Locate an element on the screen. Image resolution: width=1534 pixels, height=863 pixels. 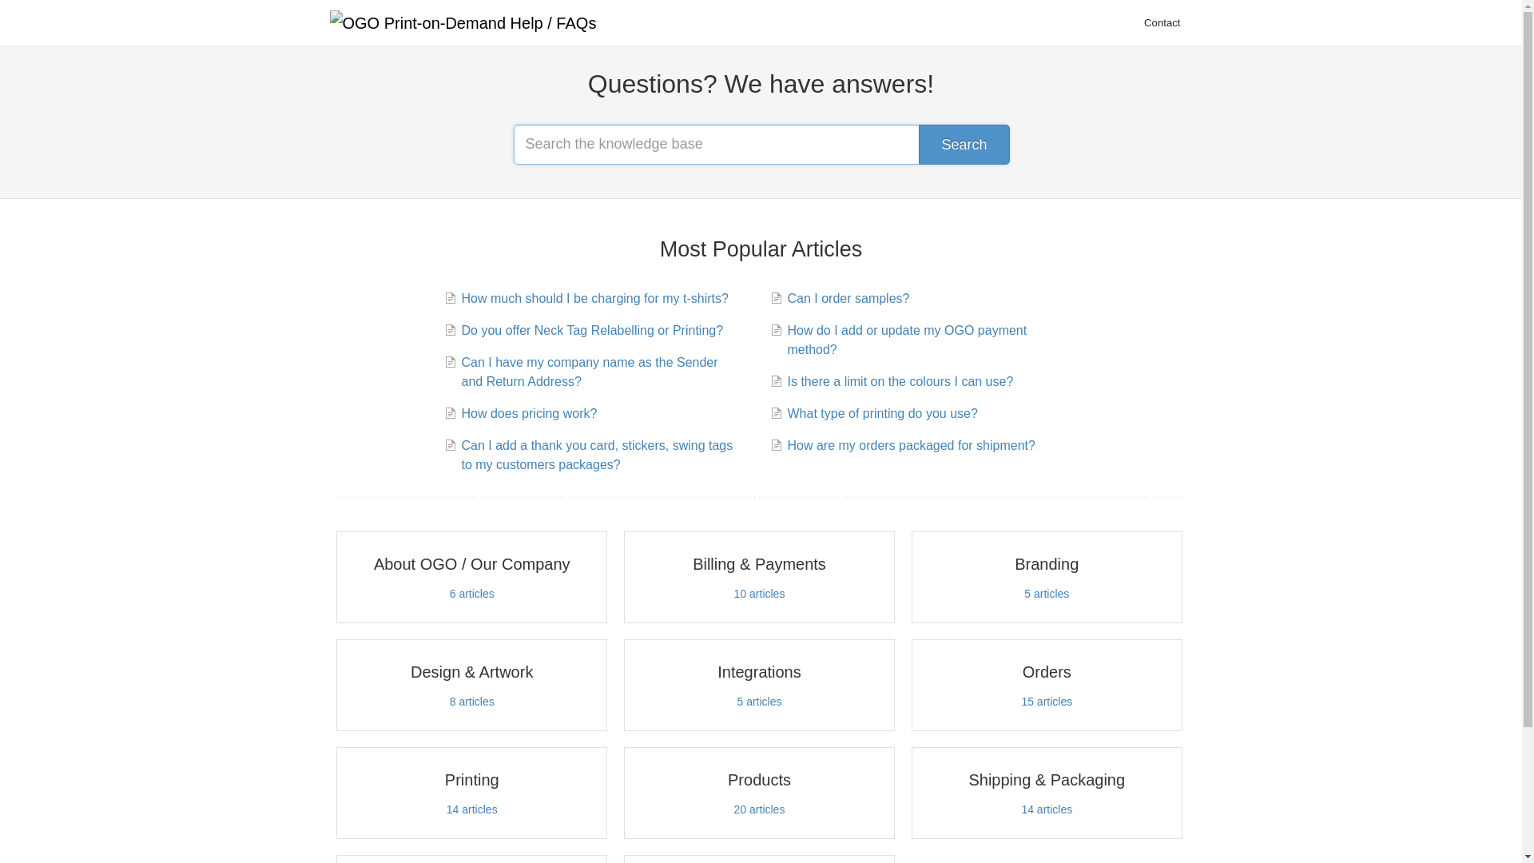
'How much should I be charging for my t-shirts?' is located at coordinates (591, 299).